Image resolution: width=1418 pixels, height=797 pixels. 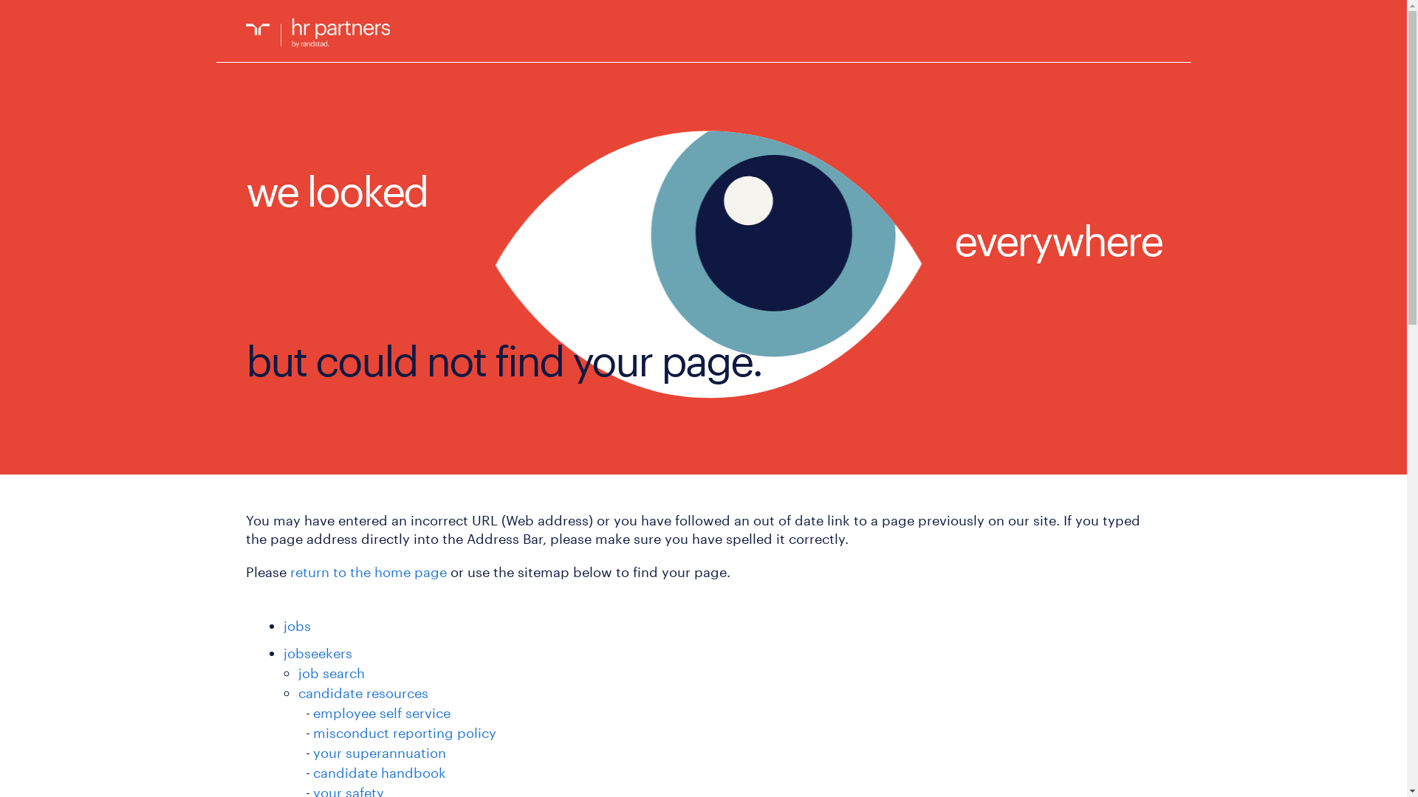 I want to click on 'misconduct reporting policy', so click(x=404, y=732).